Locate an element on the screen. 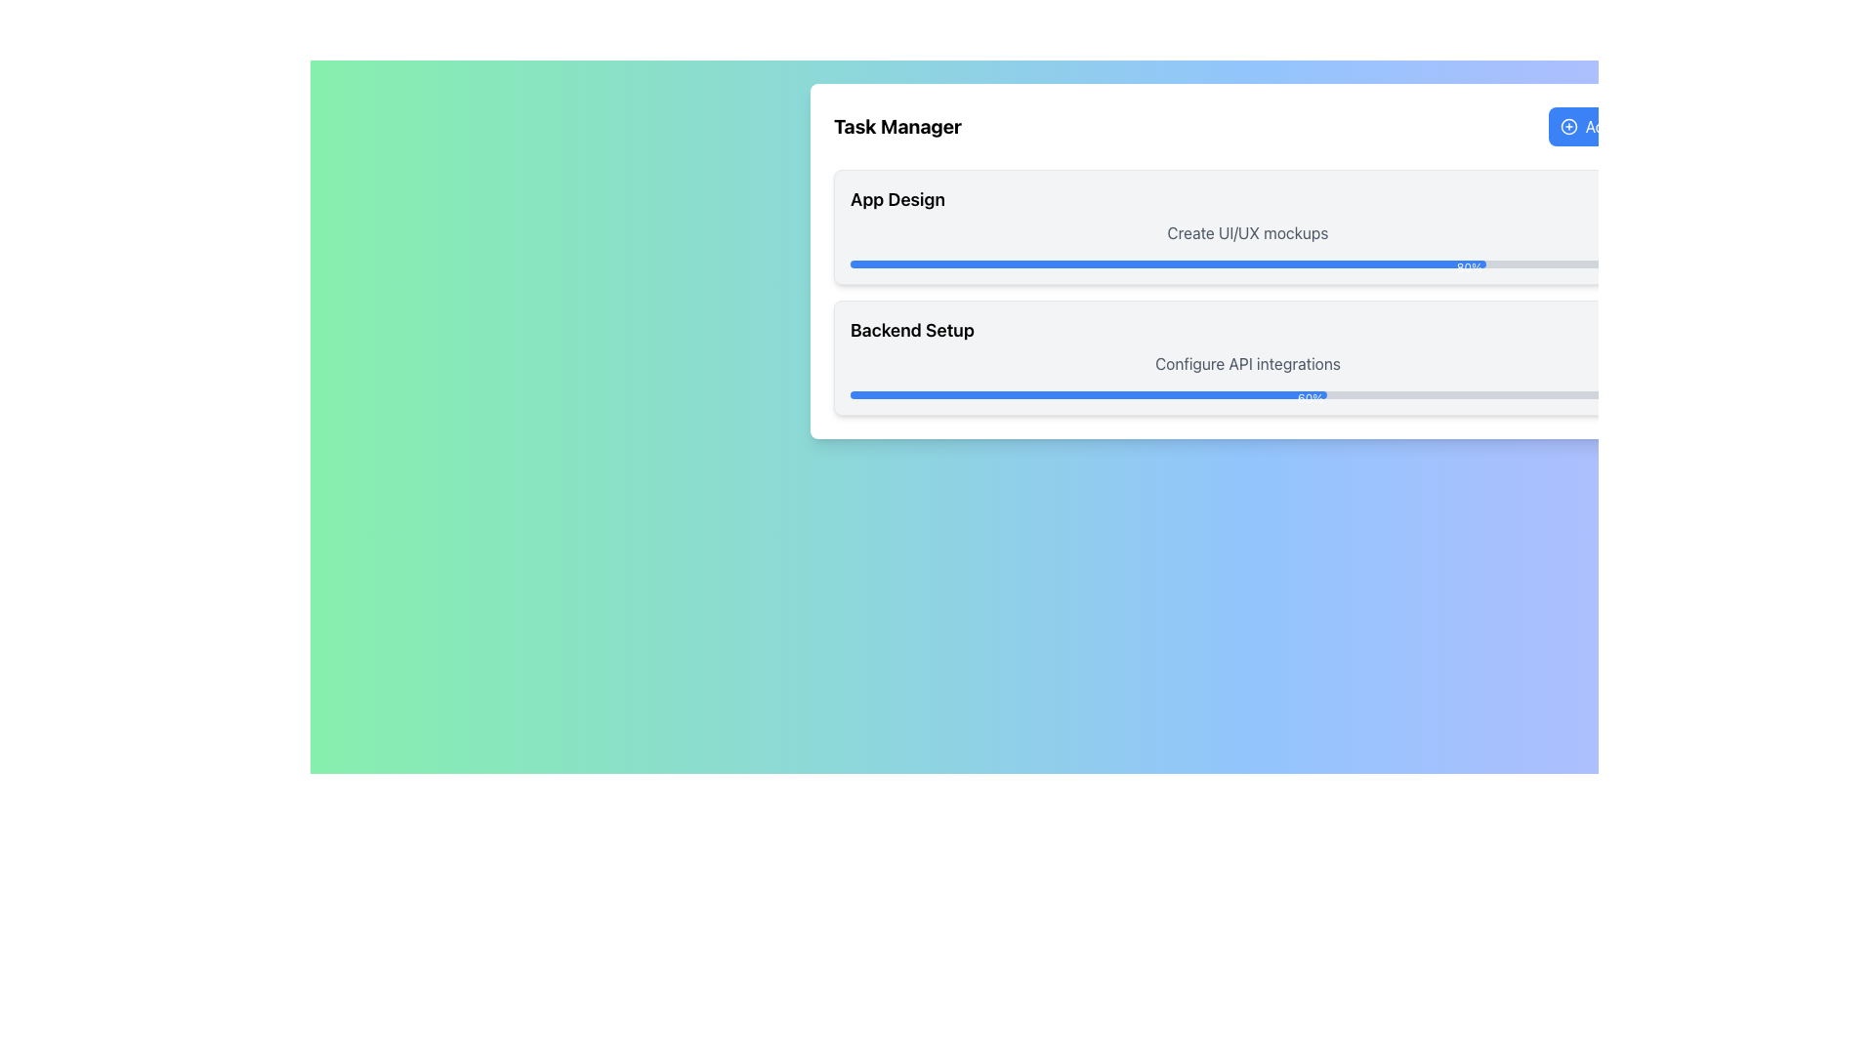 This screenshot has height=1054, width=1875. the 'App Design' text label, which is a bold and larger font element located in the upper section of the task management interface within the 'Task Manager' panel is located at coordinates (896, 199).